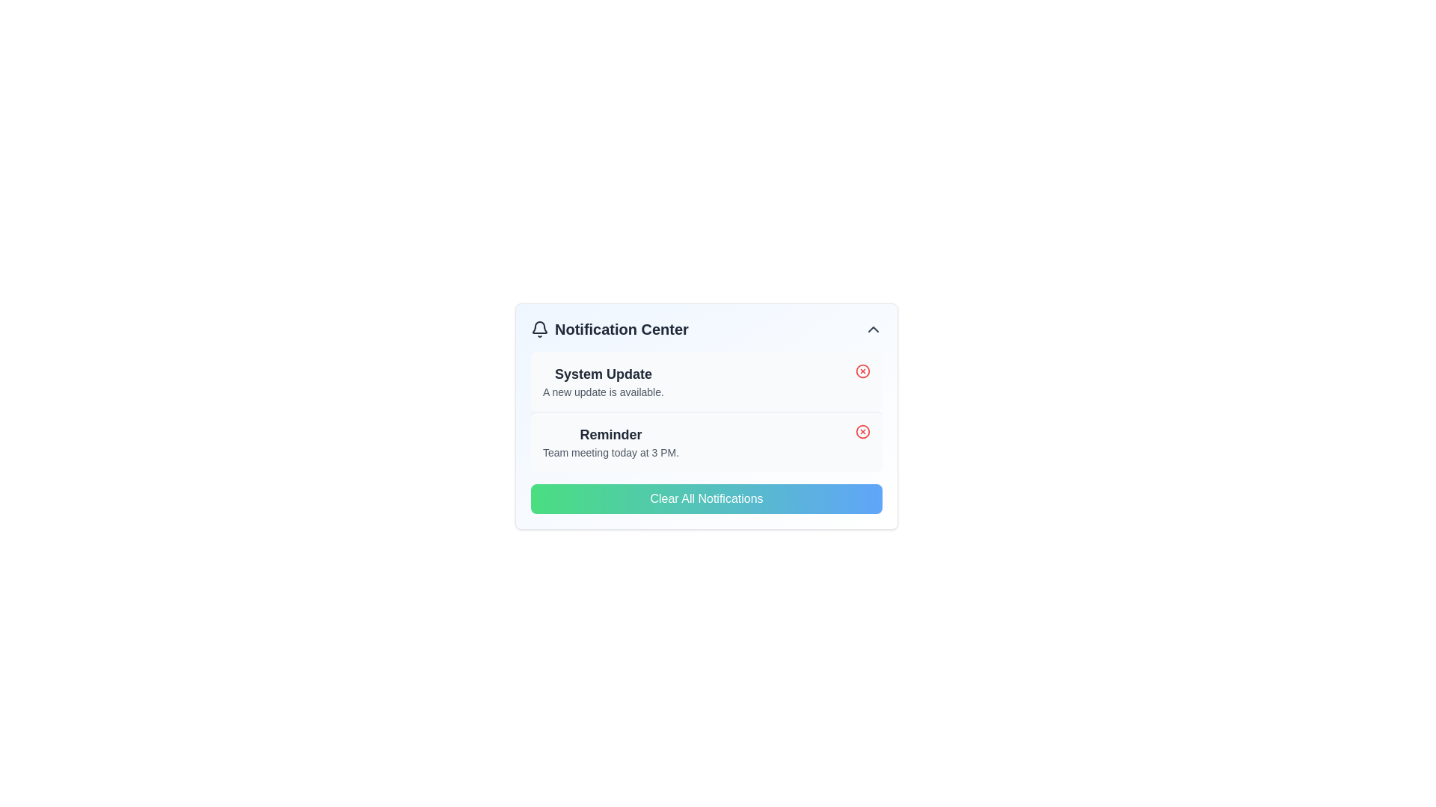 The height and width of the screenshot is (807, 1436). I want to click on the toggle button with an icon in the top-right corner of the Notification Center, so click(873, 328).